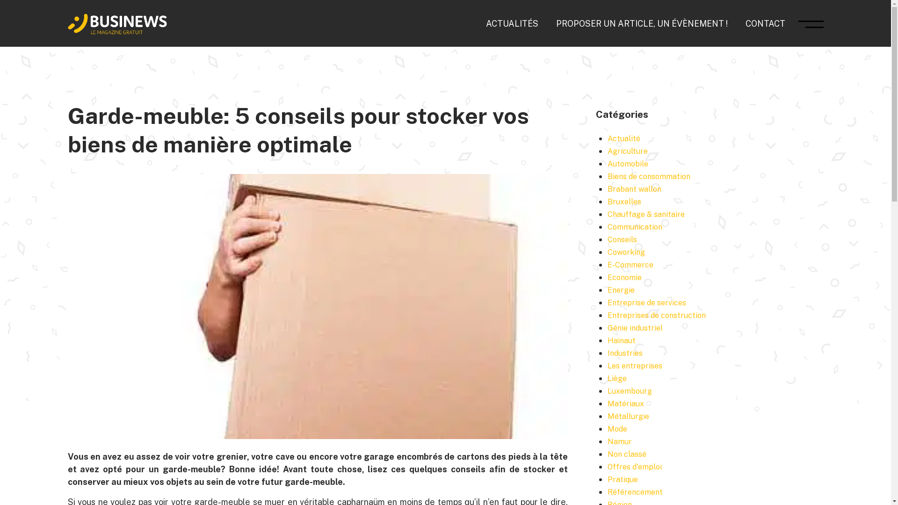  Describe the element at coordinates (623, 479) in the screenshot. I see `'Pratique'` at that location.